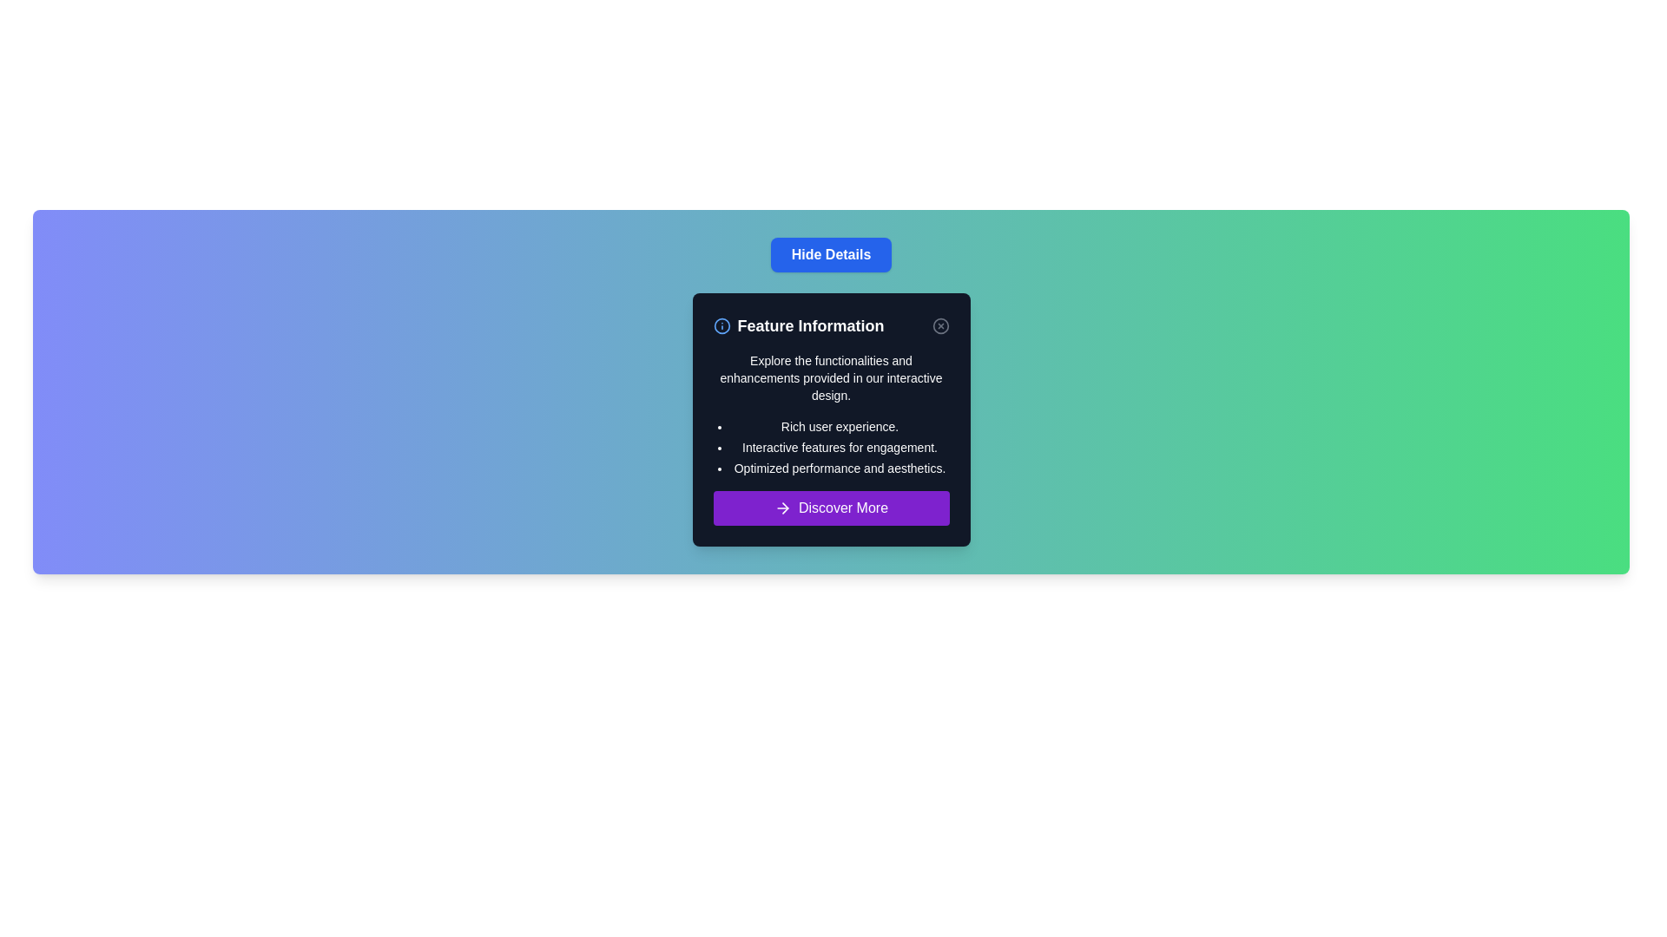 The height and width of the screenshot is (937, 1667). What do you see at coordinates (721, 325) in the screenshot?
I see `the circular graphical element within the SVG icon that is part of the 'Feature Information' header in the pop-up card` at bounding box center [721, 325].